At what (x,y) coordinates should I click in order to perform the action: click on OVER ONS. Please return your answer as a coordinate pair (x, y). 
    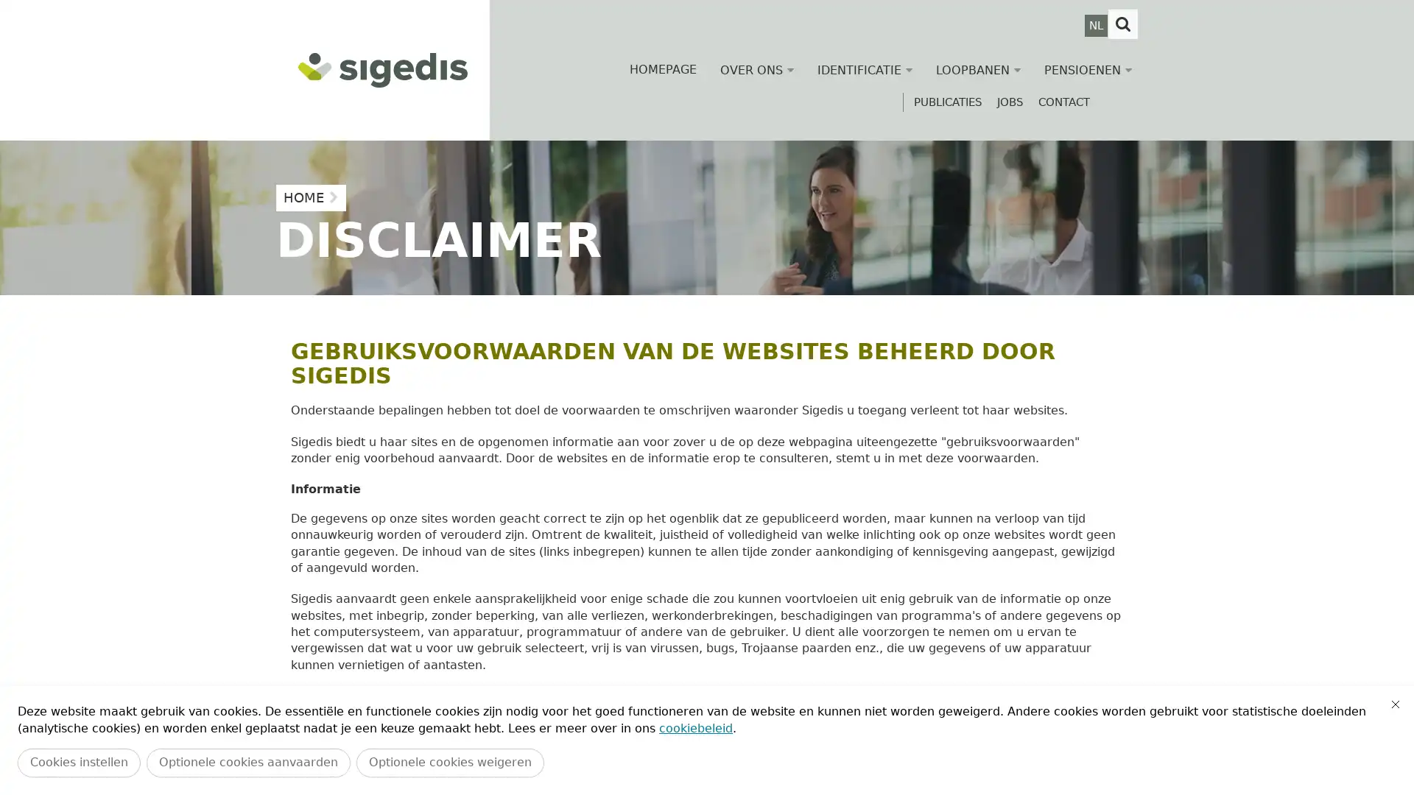
    Looking at the image, I should click on (756, 70).